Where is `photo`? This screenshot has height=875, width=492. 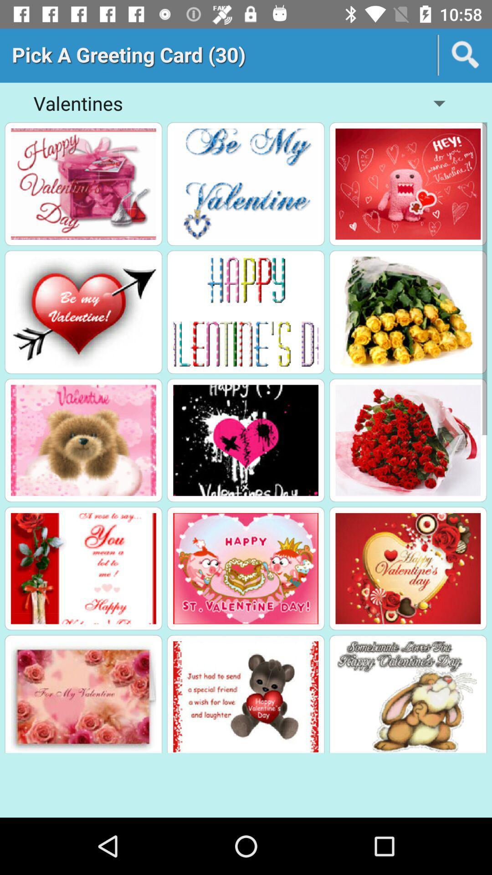
photo is located at coordinates (245, 568).